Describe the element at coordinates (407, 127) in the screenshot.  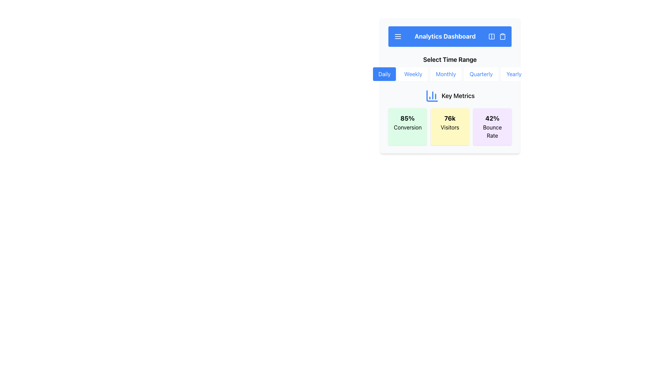
I see `the text label displaying 'Conversion' located within a green rectangular card in the top-left area of the section containing multiple metric widgets` at that location.